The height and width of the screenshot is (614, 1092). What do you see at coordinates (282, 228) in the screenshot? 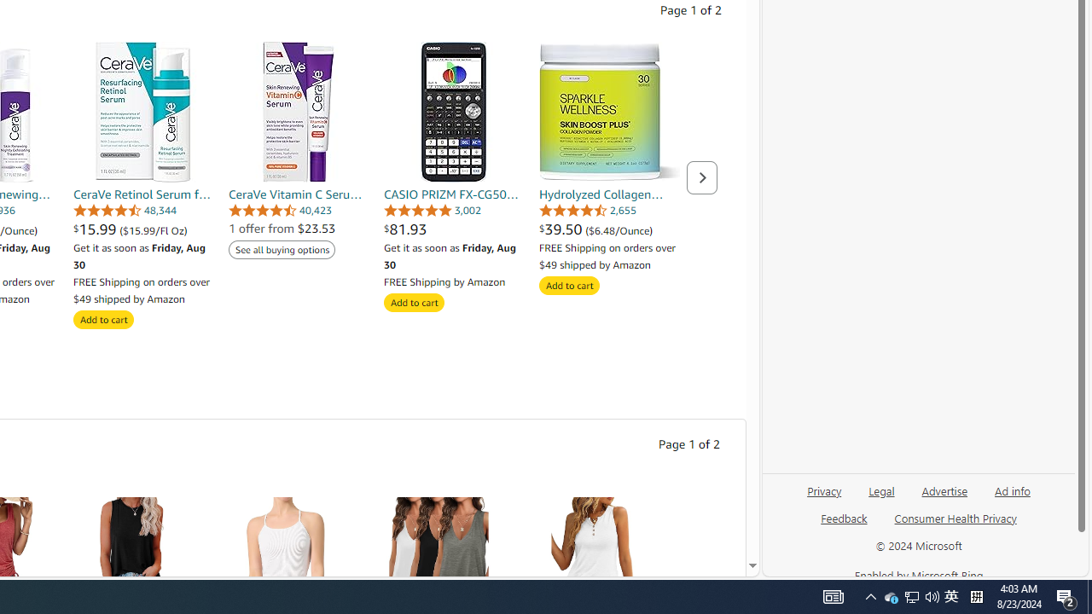
I see `'1 offer from $23.53'` at bounding box center [282, 228].